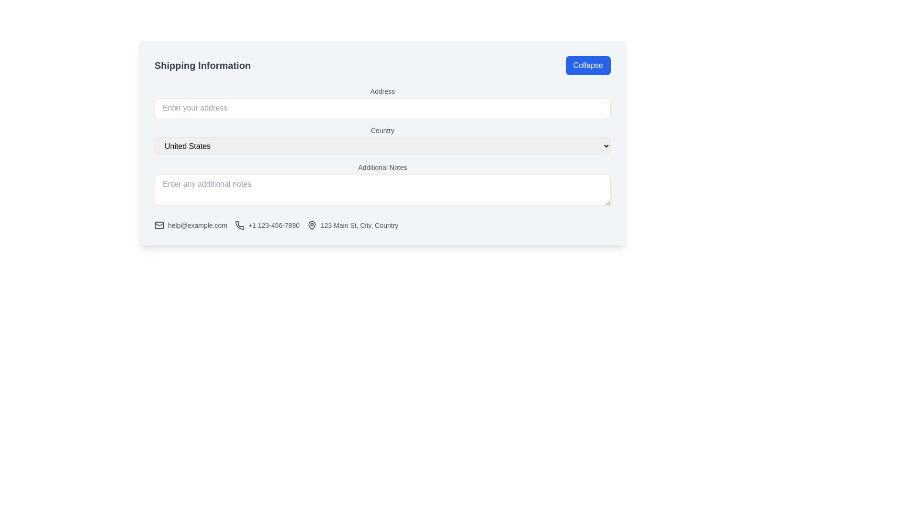  Describe the element at coordinates (352, 225) in the screenshot. I see `the address text-label element, which is the third item in the row of contact information on the card` at that location.